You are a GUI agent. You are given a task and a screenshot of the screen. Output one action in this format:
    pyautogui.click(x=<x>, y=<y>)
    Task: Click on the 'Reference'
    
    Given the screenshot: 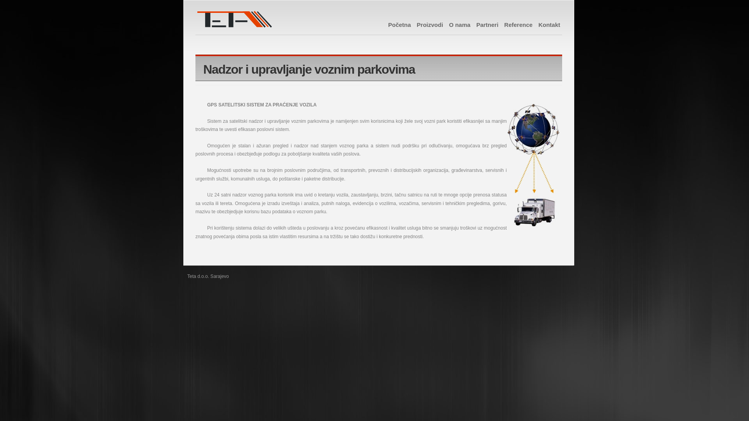 What is the action you would take?
    pyautogui.click(x=504, y=24)
    